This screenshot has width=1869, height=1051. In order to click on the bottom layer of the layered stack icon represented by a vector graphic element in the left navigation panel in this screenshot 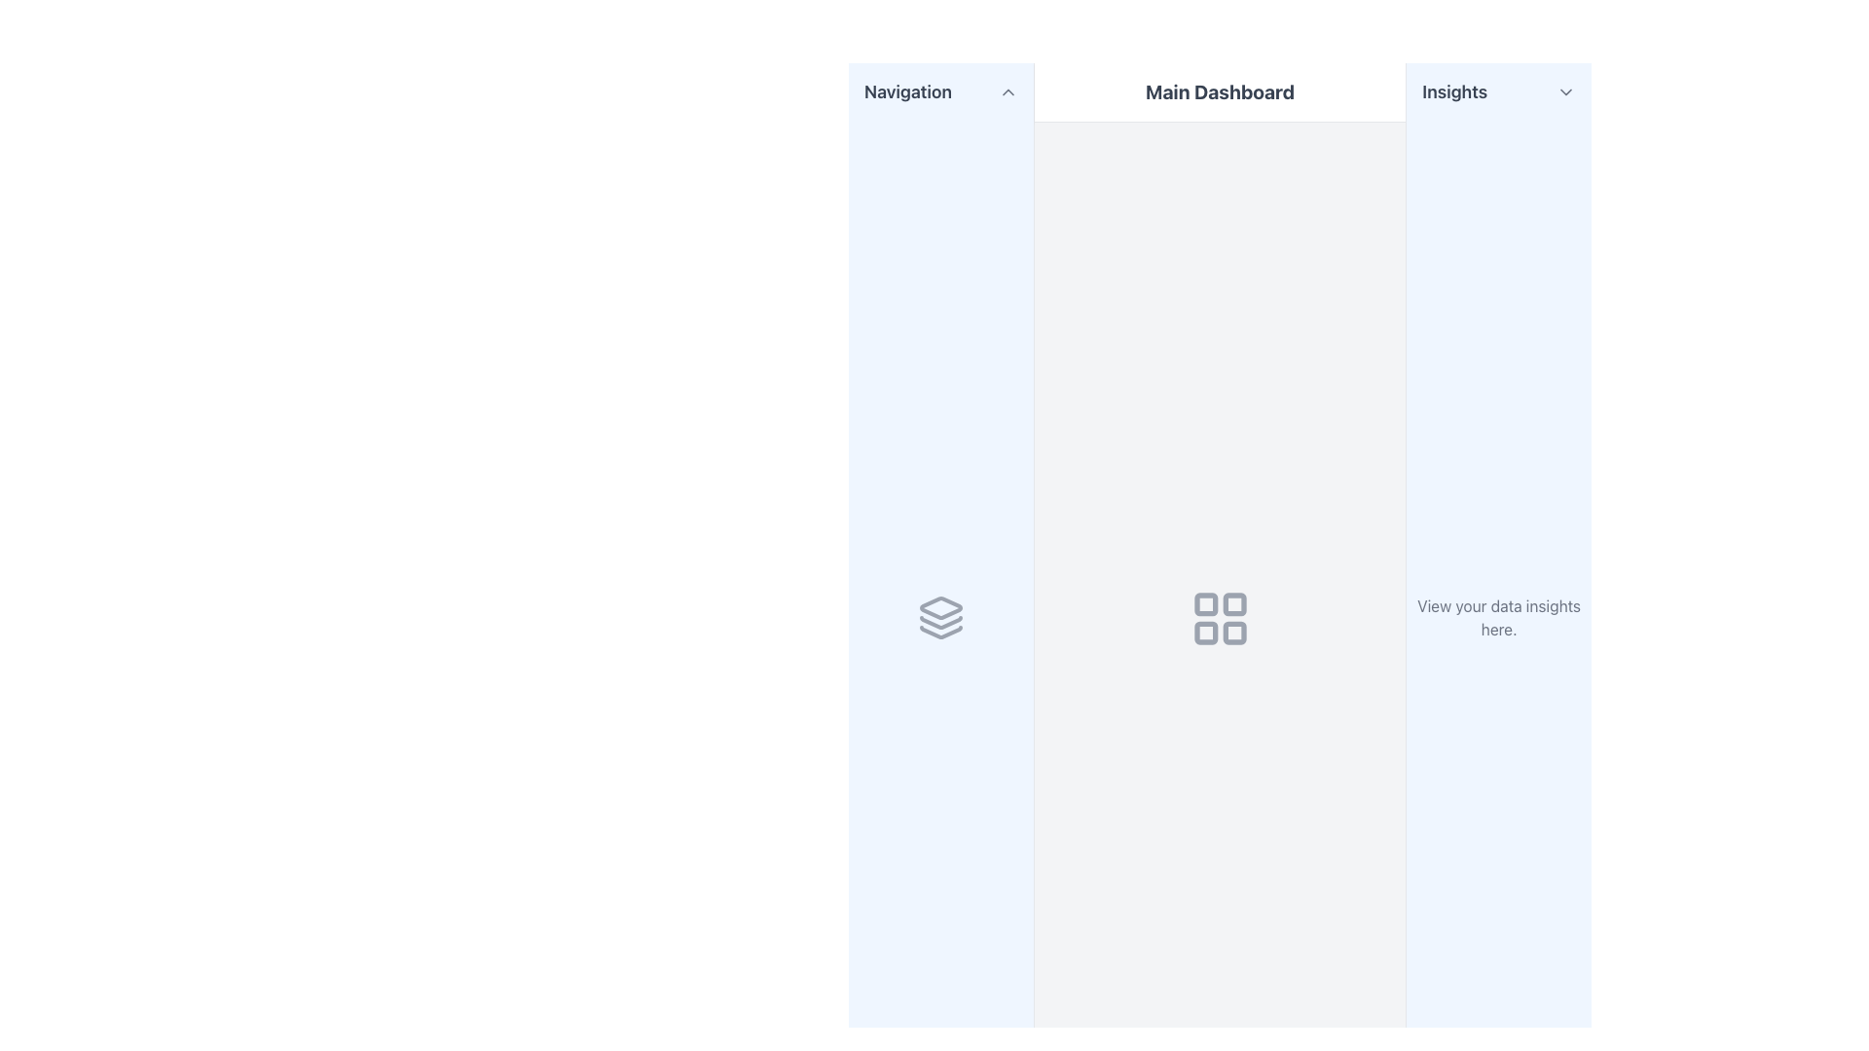, I will do `click(940, 633)`.